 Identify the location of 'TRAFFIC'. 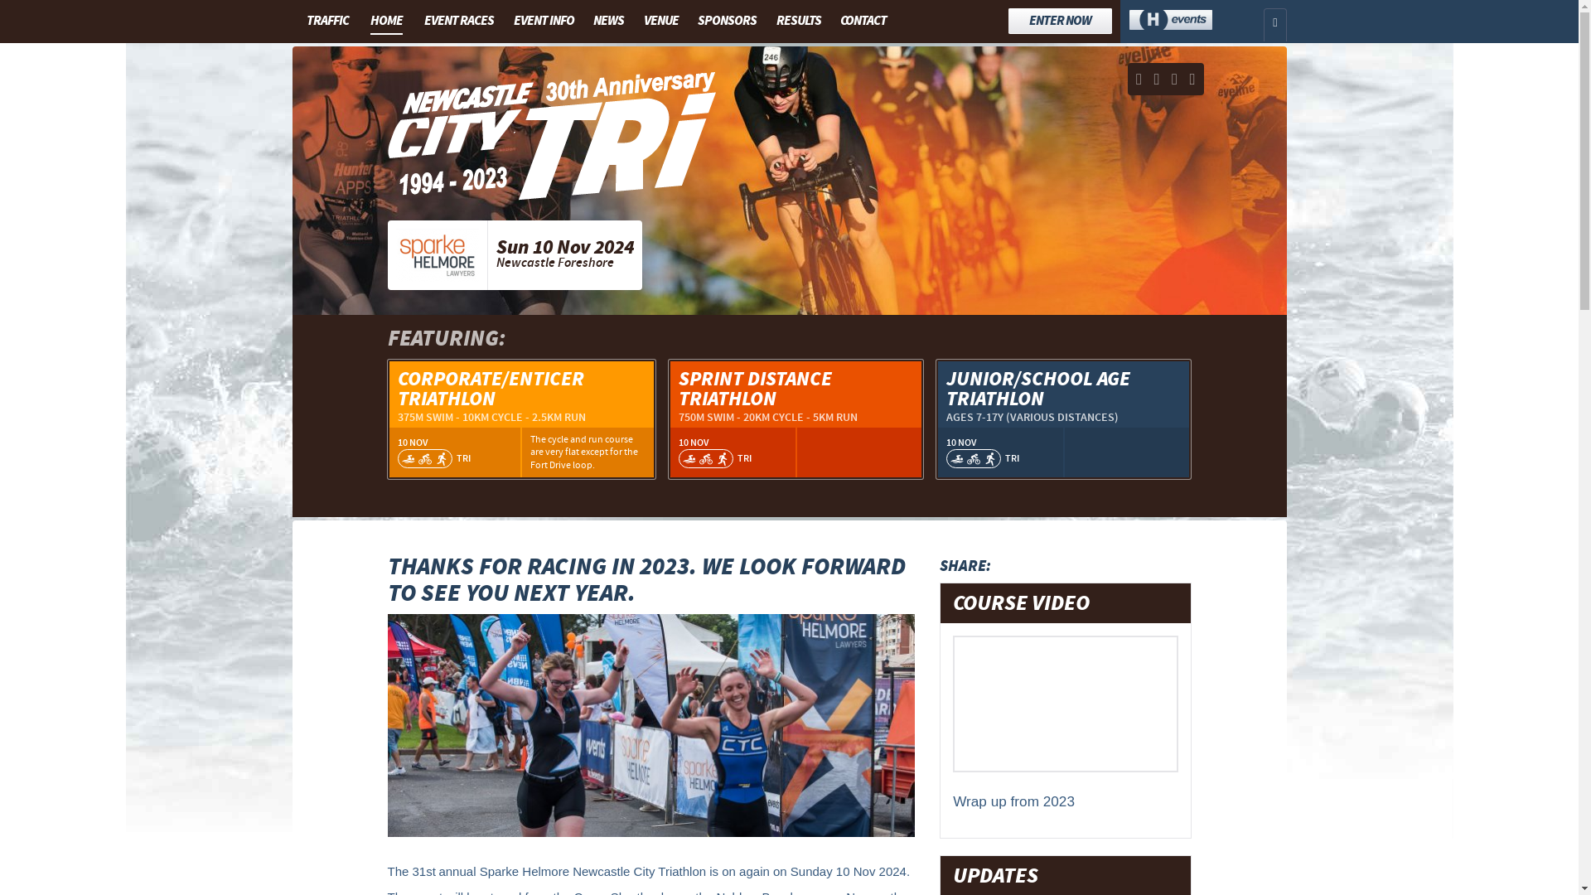
(299, 20).